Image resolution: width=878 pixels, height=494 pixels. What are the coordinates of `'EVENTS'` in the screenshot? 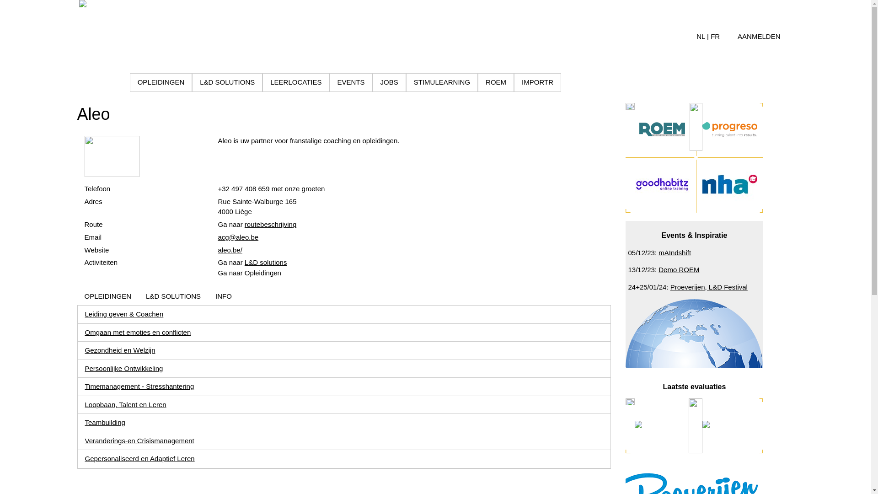 It's located at (329, 82).